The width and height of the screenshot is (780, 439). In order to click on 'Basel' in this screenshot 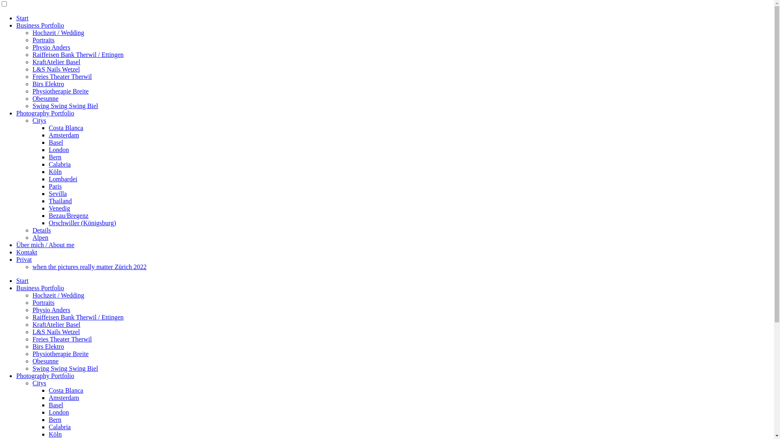, I will do `click(56, 405)`.